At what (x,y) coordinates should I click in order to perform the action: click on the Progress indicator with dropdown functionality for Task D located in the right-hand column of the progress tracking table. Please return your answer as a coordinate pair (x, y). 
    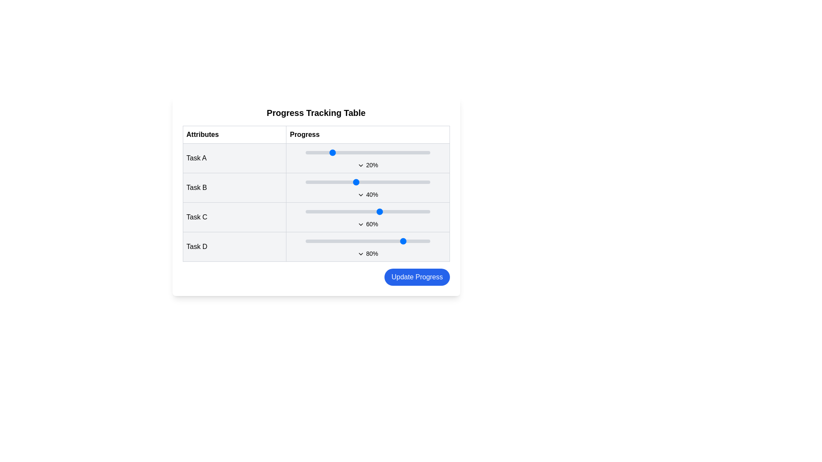
    Looking at the image, I should click on (368, 252).